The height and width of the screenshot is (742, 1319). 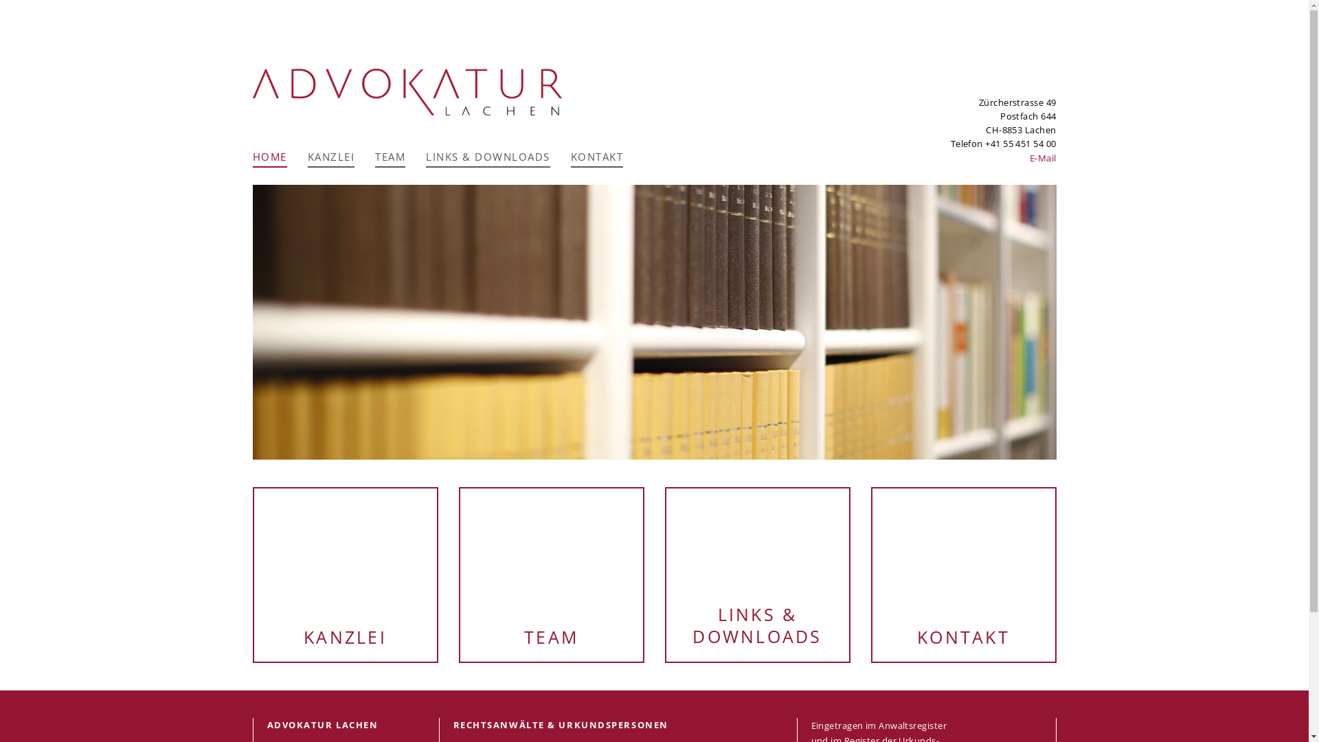 What do you see at coordinates (460, 574) in the screenshot?
I see `'TEAM'` at bounding box center [460, 574].